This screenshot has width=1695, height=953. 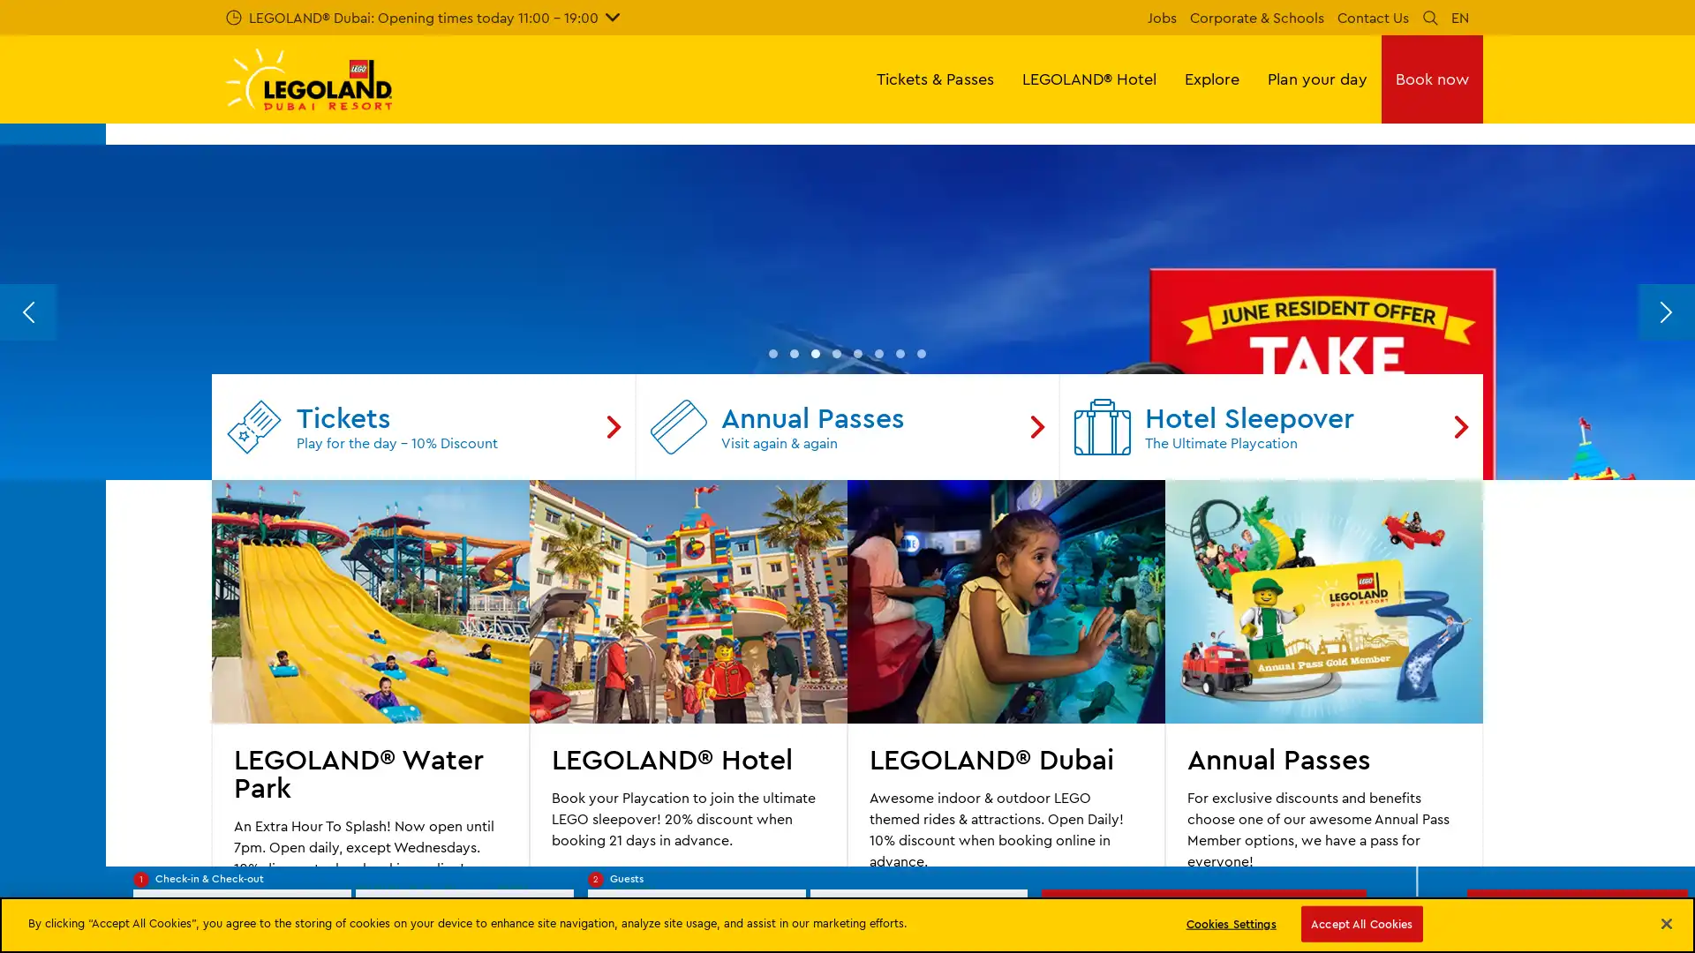 What do you see at coordinates (1088, 78) in the screenshot?
I see `LEGOLAND Hotel` at bounding box center [1088, 78].